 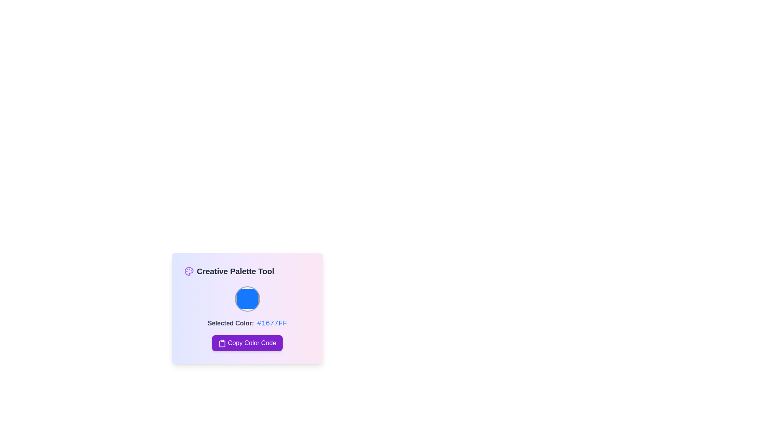 I want to click on the Text Display element that shows 'Selected Color:' followed by the color code '#1677FF', which is styled in bold gray and vibrant blue, positioned below the color preview and above the 'Copy Color Code' button, so click(x=247, y=323).